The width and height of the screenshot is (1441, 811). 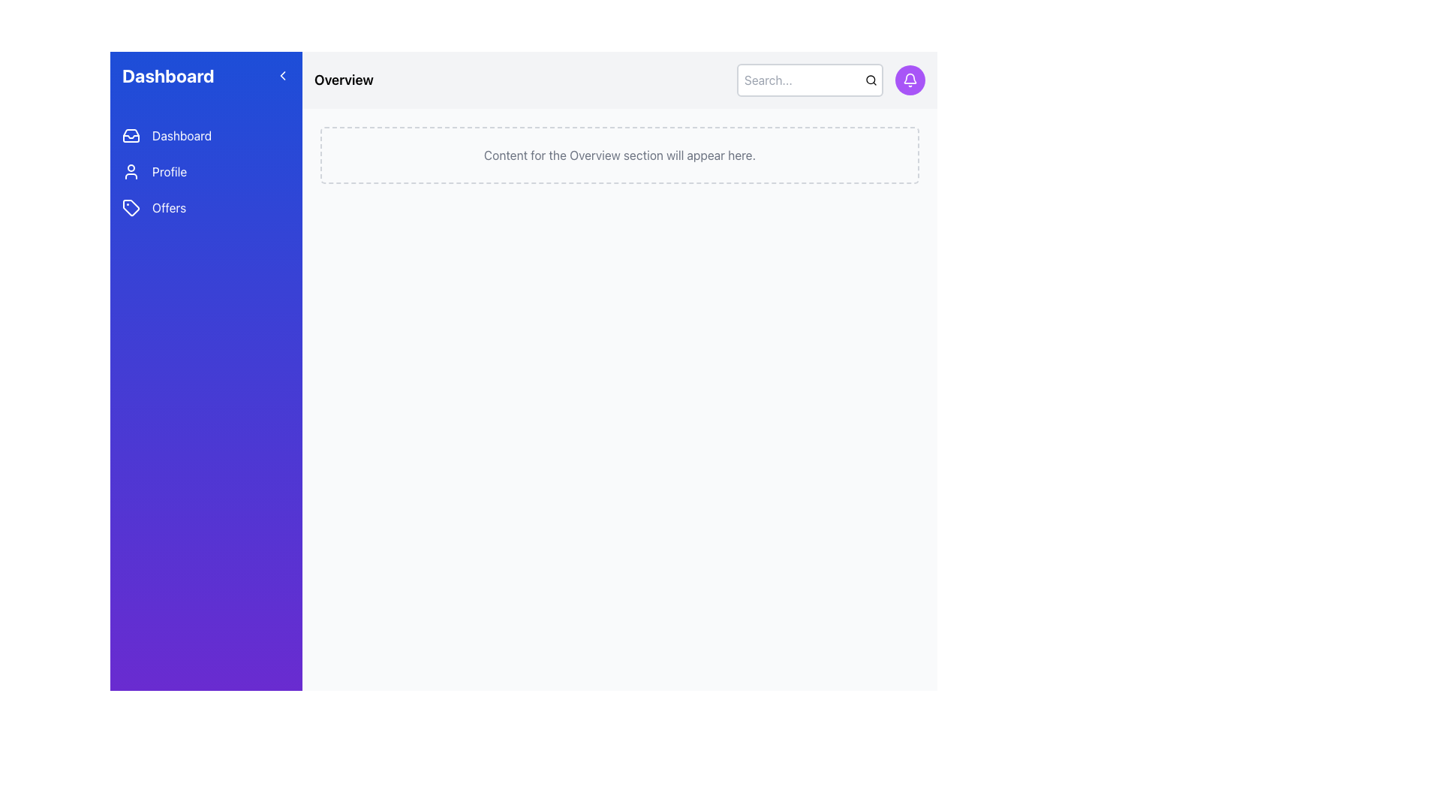 What do you see at coordinates (910, 80) in the screenshot?
I see `the notification button located at the top-right corner of the interface, immediately to the right of the search bar` at bounding box center [910, 80].